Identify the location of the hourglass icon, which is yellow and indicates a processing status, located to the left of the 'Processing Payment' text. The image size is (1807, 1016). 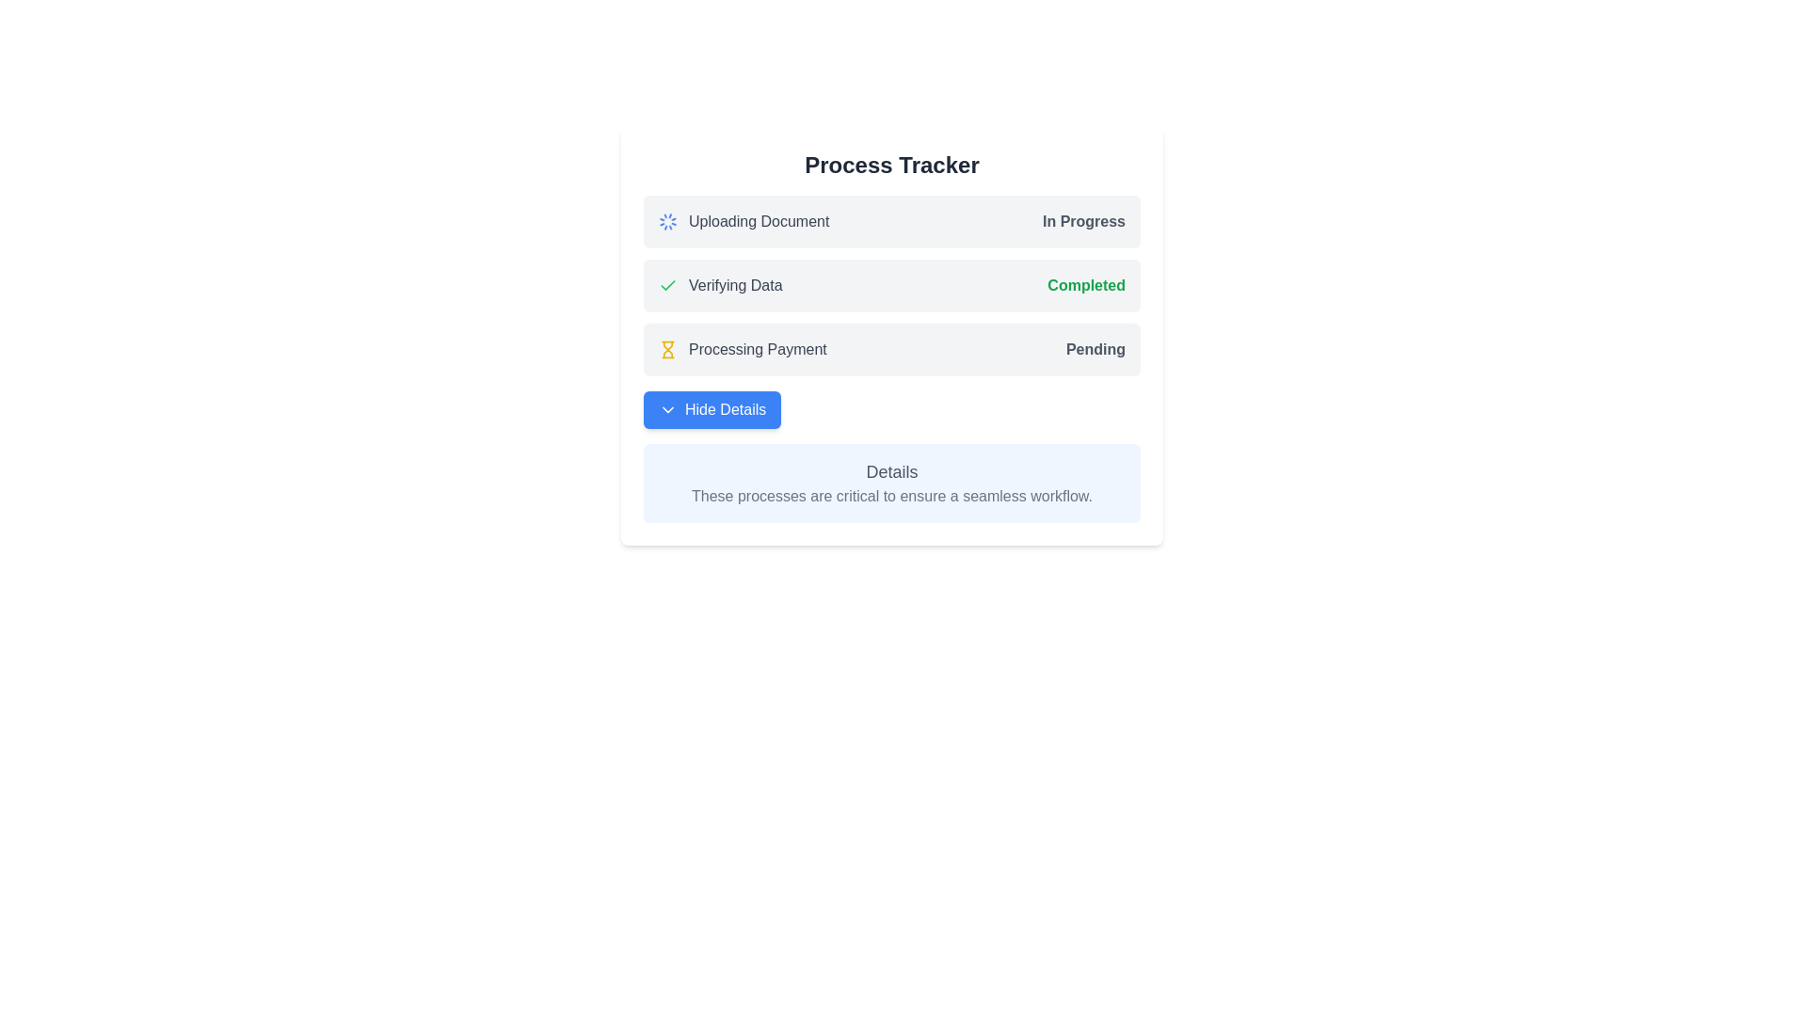
(668, 349).